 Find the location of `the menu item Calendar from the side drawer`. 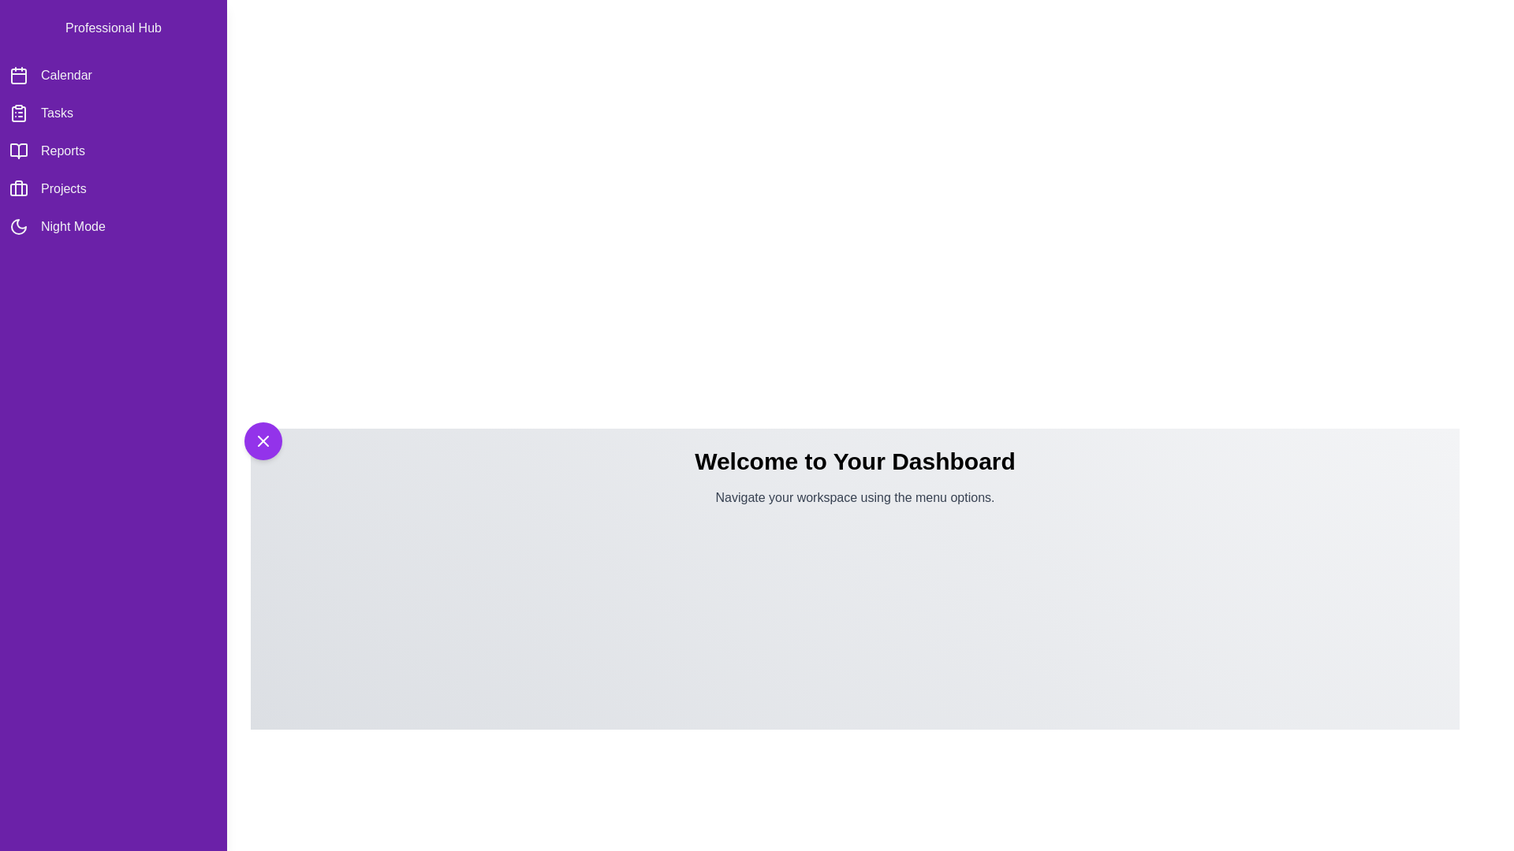

the menu item Calendar from the side drawer is located at coordinates (113, 76).